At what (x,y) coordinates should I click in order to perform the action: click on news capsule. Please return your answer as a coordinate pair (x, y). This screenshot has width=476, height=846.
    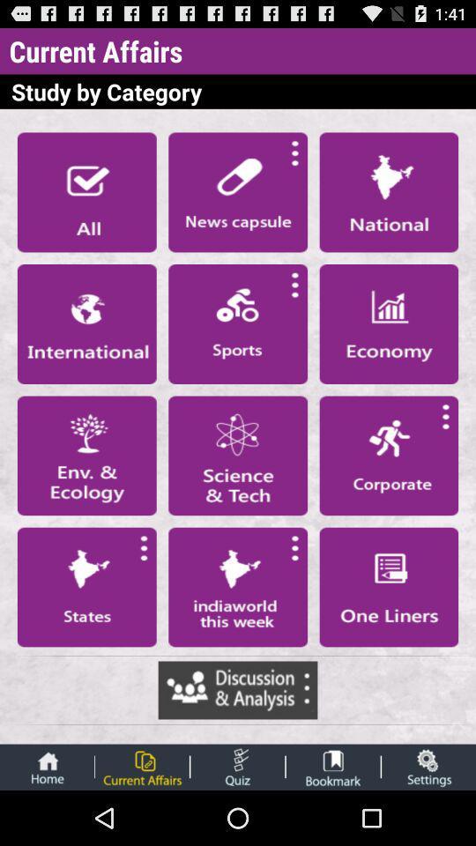
    Looking at the image, I should click on (238, 192).